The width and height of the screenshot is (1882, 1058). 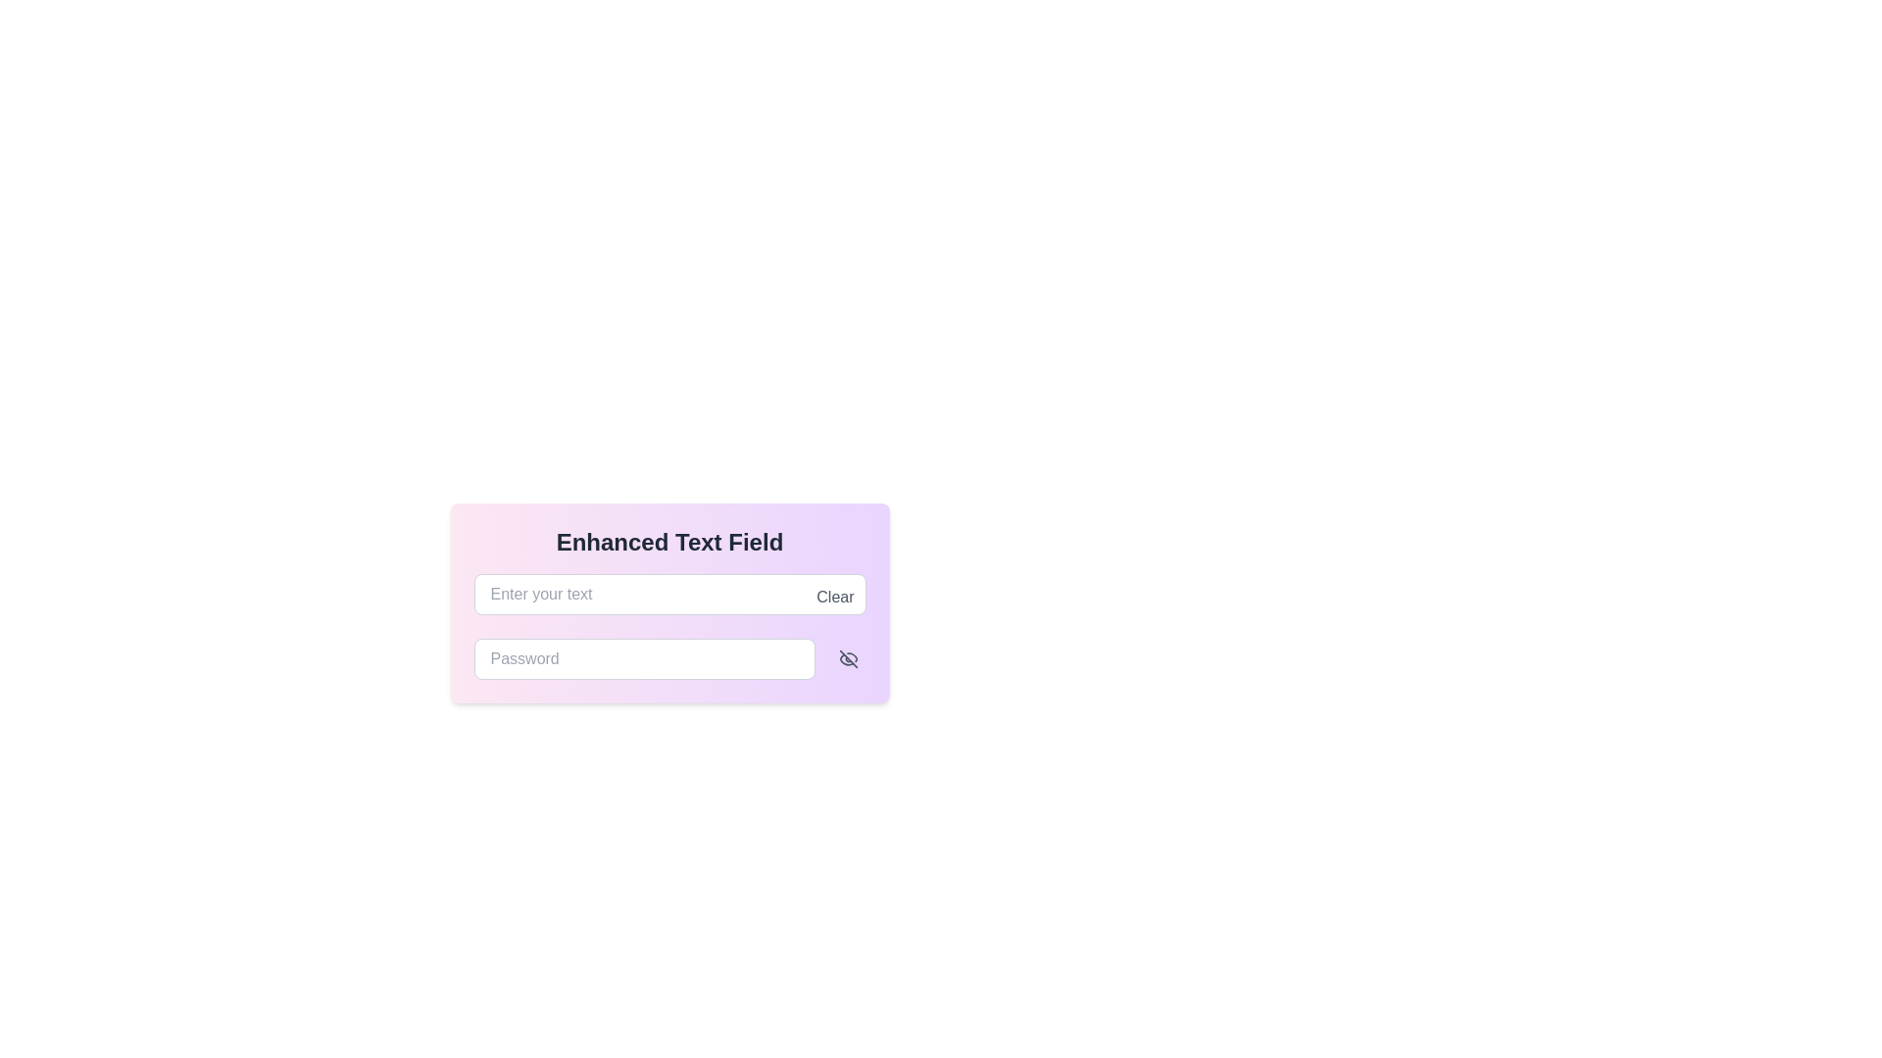 What do you see at coordinates (835, 596) in the screenshot?
I see `the clear button located at the top-right corner of the text entry box` at bounding box center [835, 596].